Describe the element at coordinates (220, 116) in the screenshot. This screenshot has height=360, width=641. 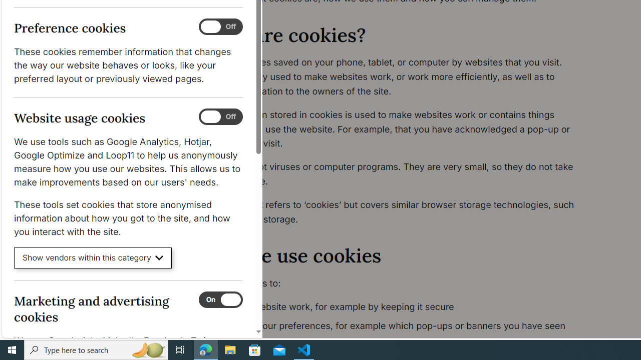
I see `'Website usage cookies'` at that location.